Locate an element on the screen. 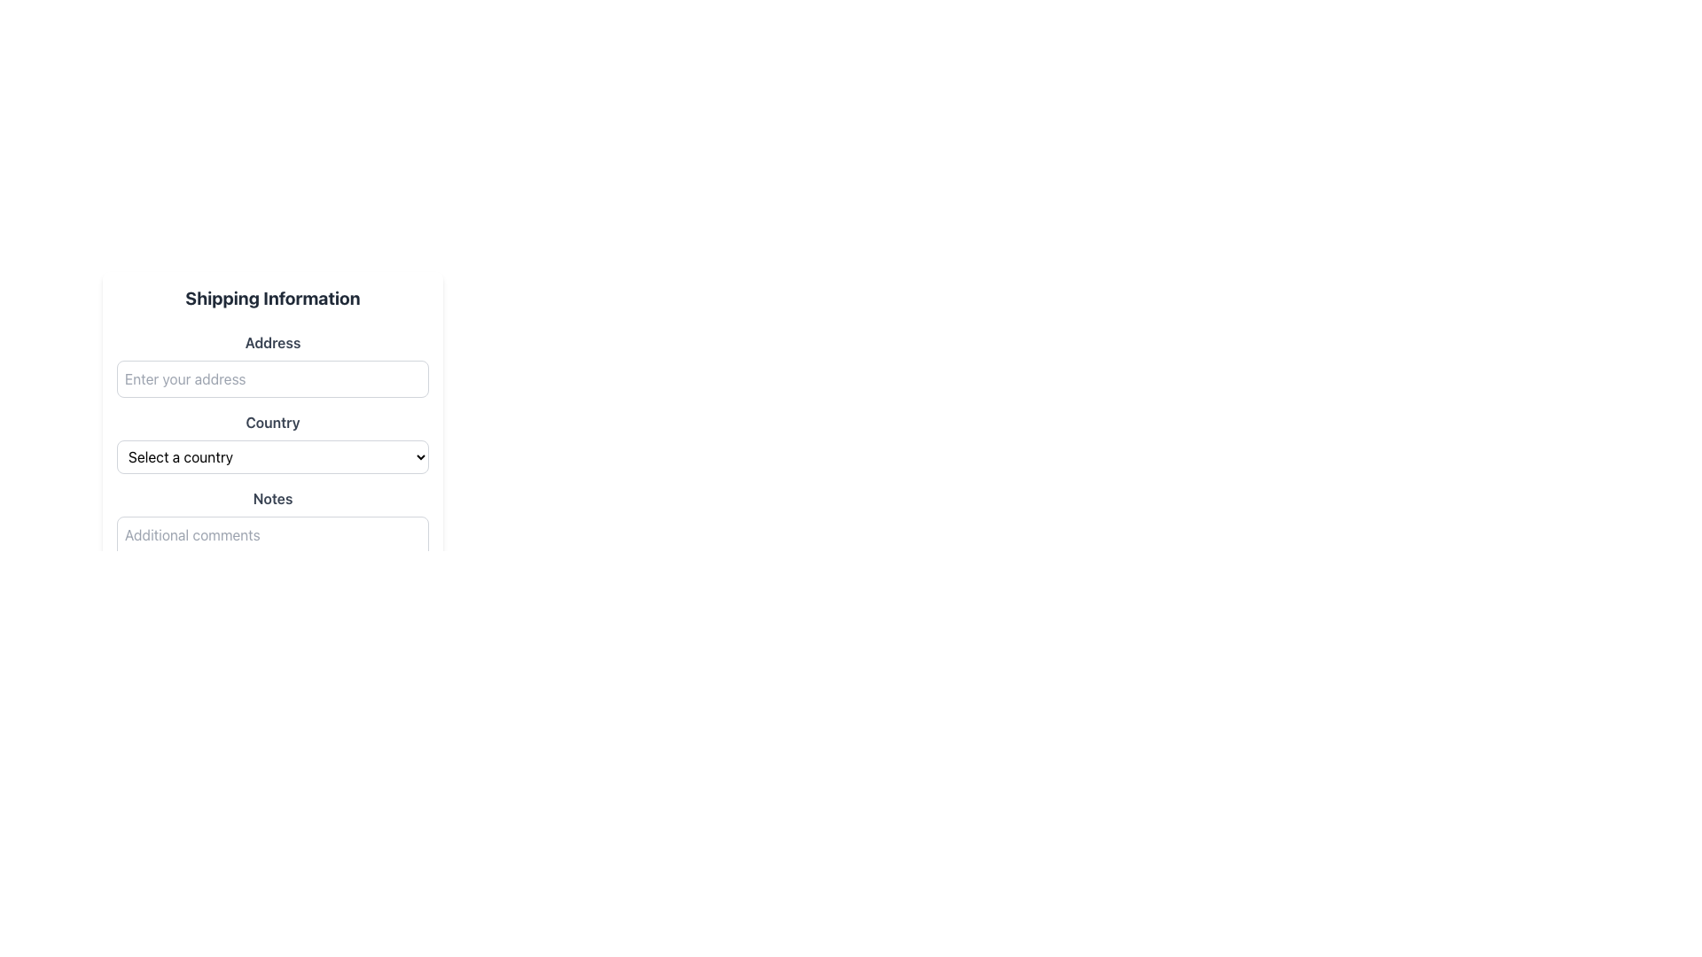  an option from the 'Country' dropdown menu located beneath the 'Country' label in the 'Shipping Information' section is located at coordinates (271, 442).